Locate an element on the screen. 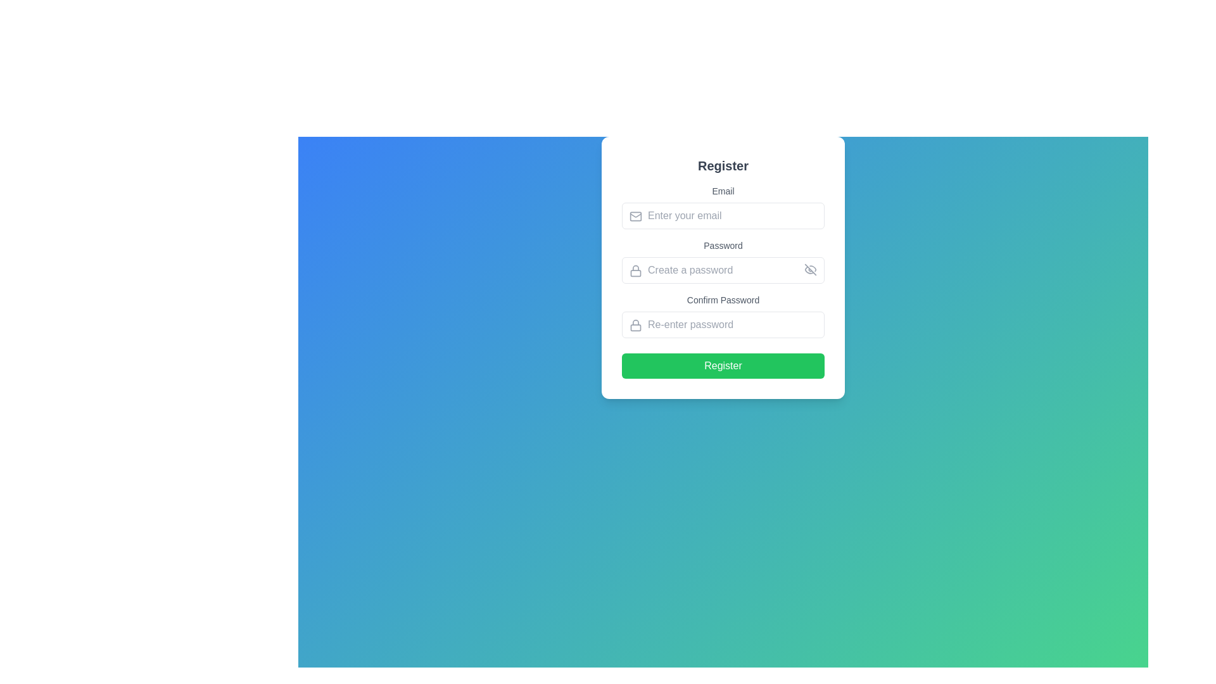 This screenshot has height=684, width=1216. the decorative graphic forming an 'X' shape within the 'eye-off' icon of the password field in the 'Register' form is located at coordinates (811, 269).